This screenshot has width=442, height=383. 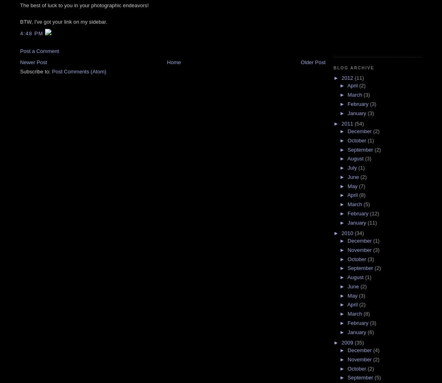 What do you see at coordinates (370, 332) in the screenshot?
I see `'(6)'` at bounding box center [370, 332].